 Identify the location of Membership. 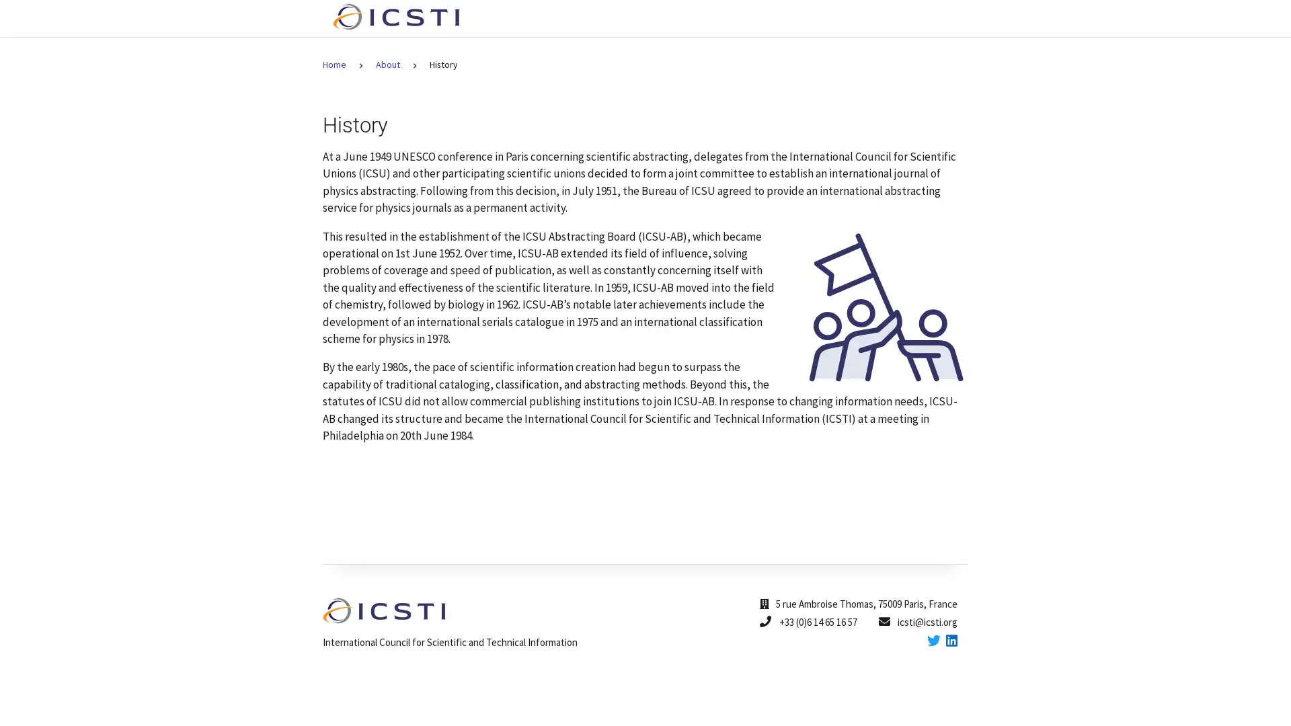
(879, 18).